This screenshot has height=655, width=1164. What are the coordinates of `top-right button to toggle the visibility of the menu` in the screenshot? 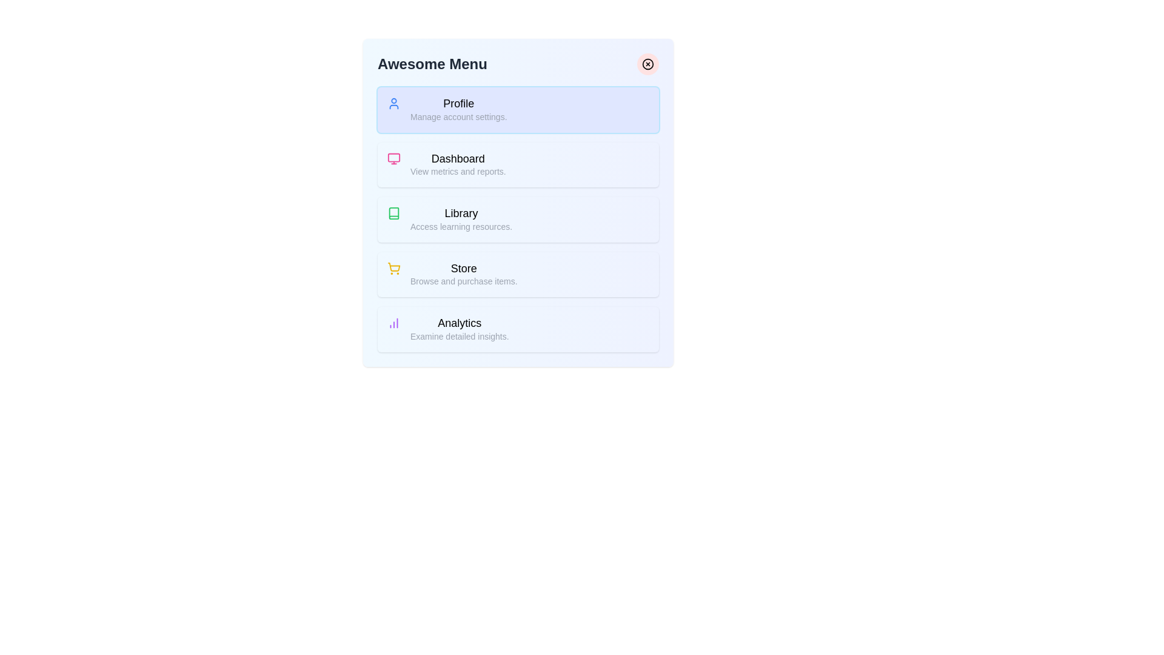 It's located at (647, 64).